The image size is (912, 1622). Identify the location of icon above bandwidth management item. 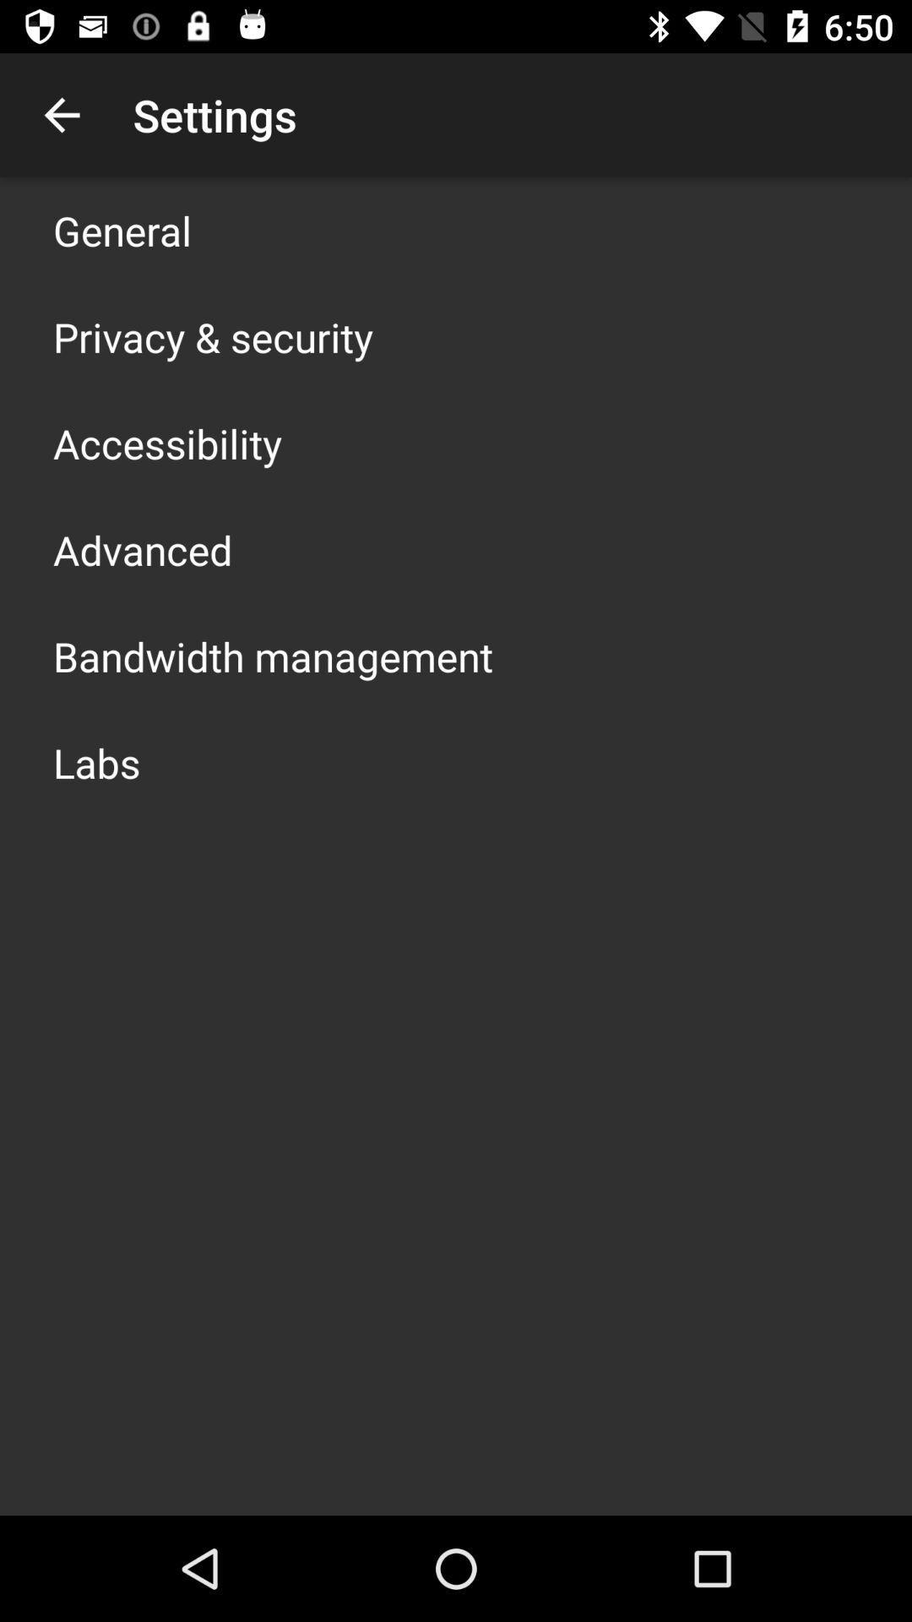
(142, 550).